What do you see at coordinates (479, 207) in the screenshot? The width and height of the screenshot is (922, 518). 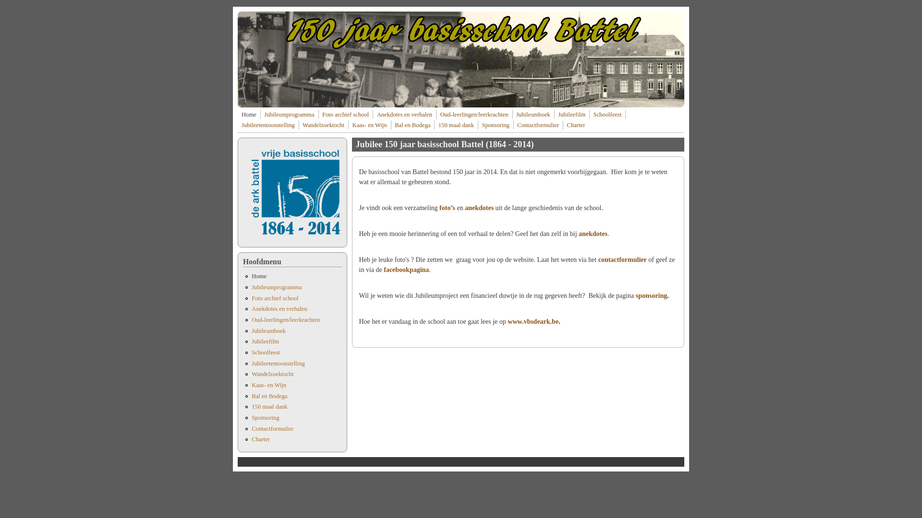 I see `'anekdotes'` at bounding box center [479, 207].